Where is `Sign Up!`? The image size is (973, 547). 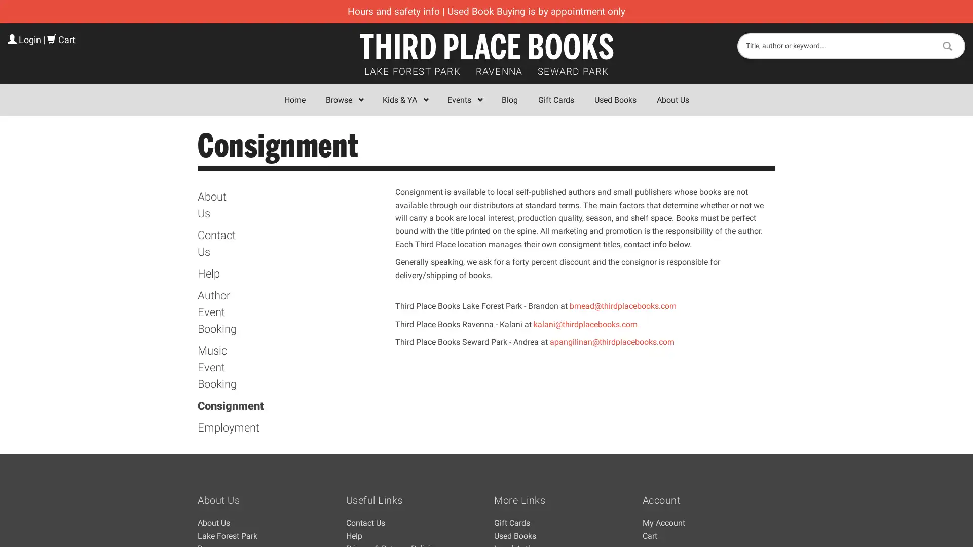
Sign Up! is located at coordinates (486, 377).